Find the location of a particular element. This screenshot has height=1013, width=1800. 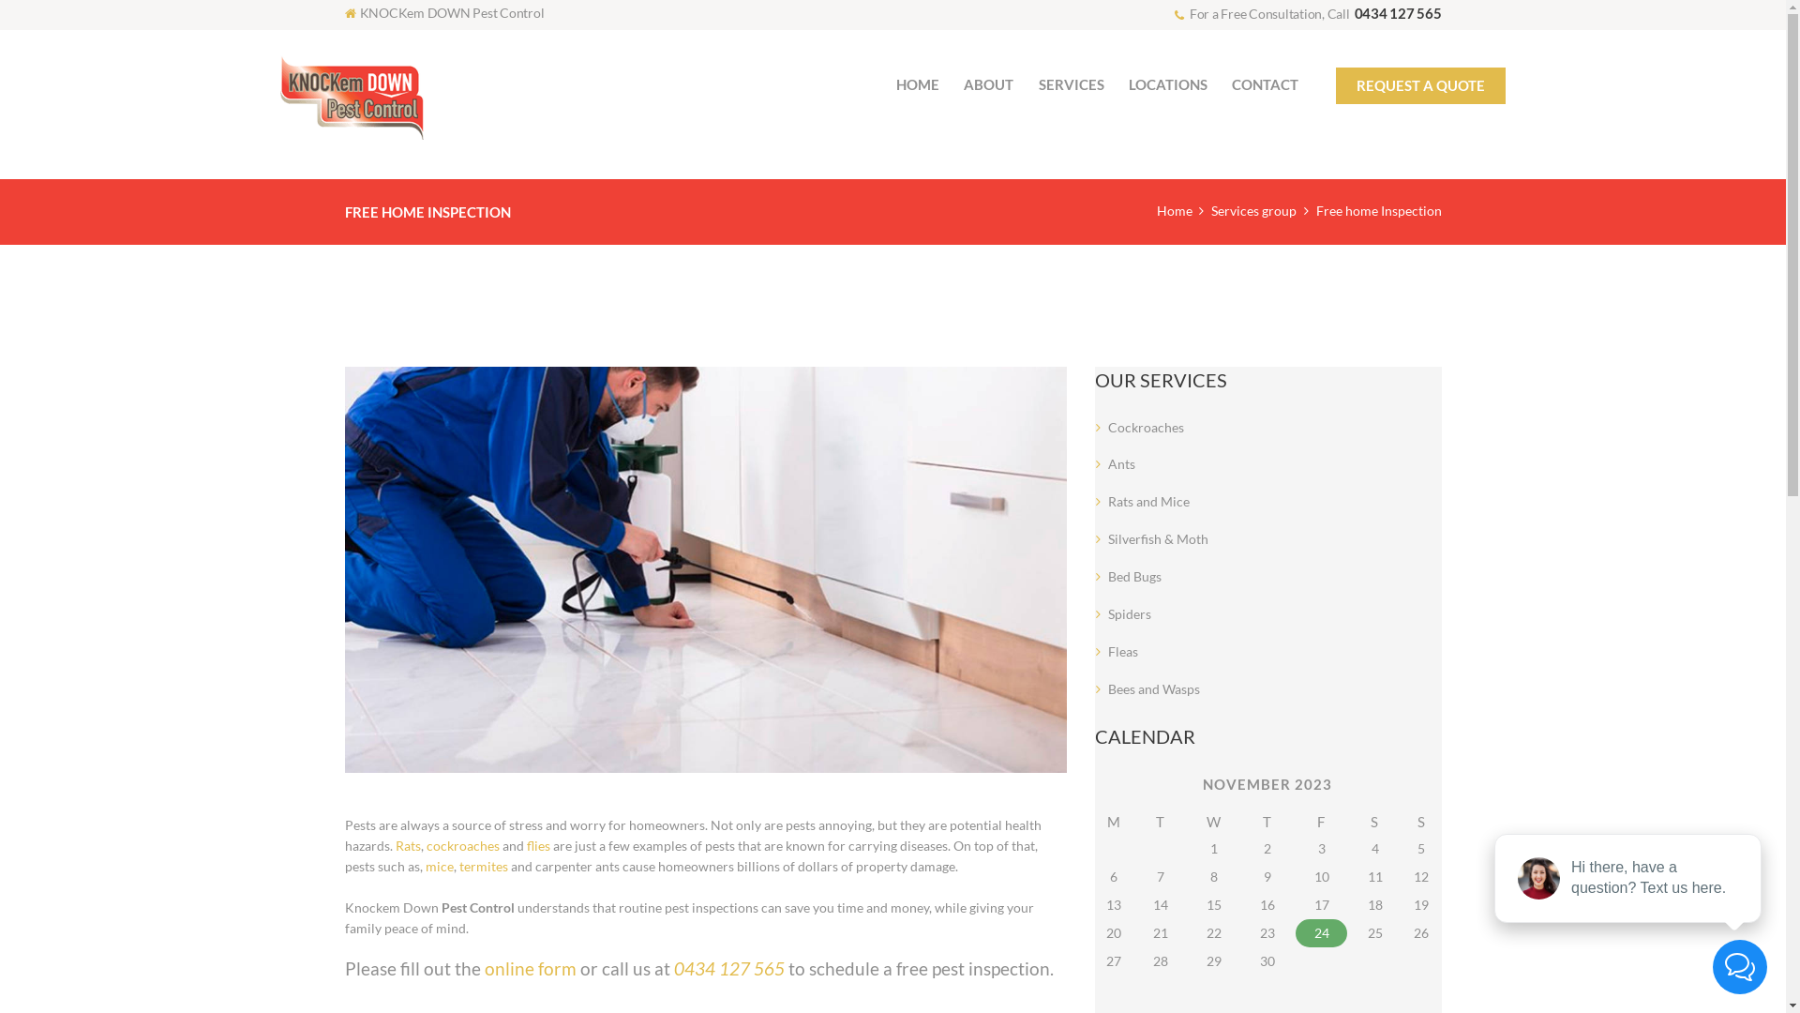

'Silverfish & Moth' is located at coordinates (1157, 538).